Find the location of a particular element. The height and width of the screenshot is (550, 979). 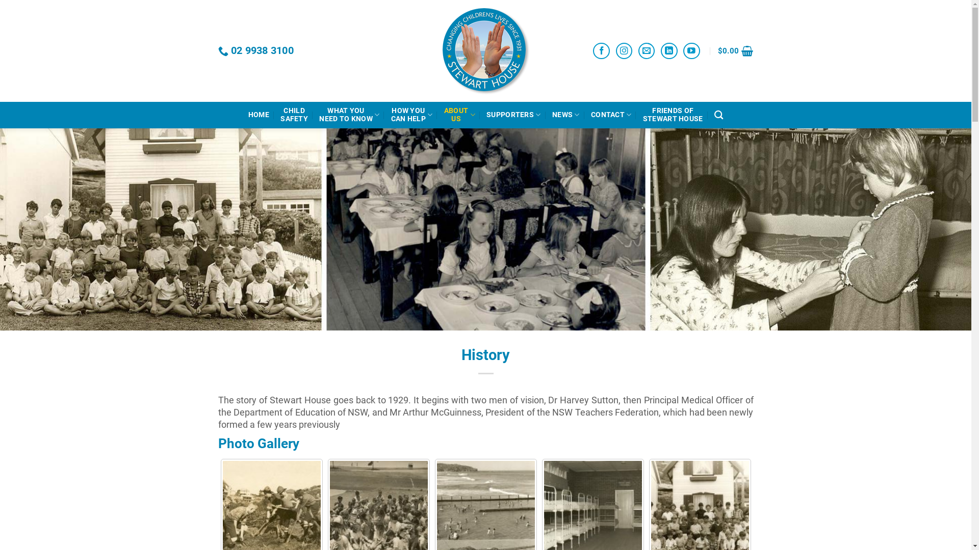

'SUPPORTERS' is located at coordinates (513, 115).